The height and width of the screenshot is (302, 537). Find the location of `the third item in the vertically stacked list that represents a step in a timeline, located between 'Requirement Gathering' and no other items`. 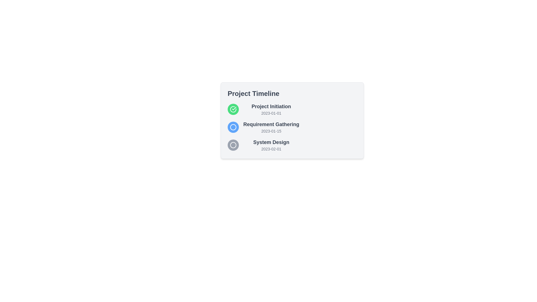

the third item in the vertically stacked list that represents a step in a timeline, located between 'Requirement Gathering' and no other items is located at coordinates (263, 145).